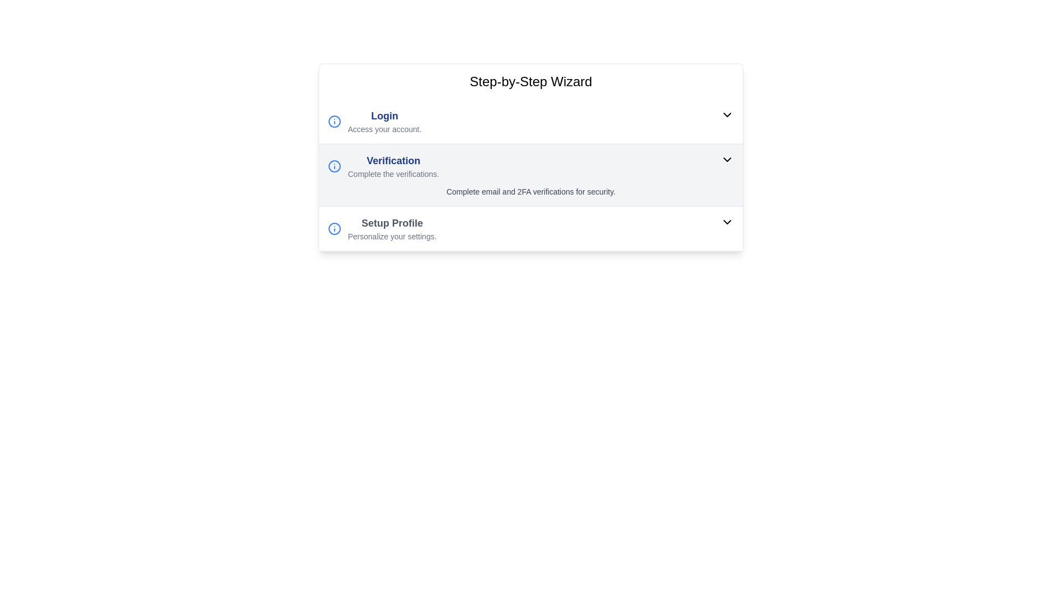 This screenshot has height=597, width=1062. What do you see at coordinates (383, 166) in the screenshot?
I see `the informational block that provides a title and description for the verification step in the wizard interface` at bounding box center [383, 166].